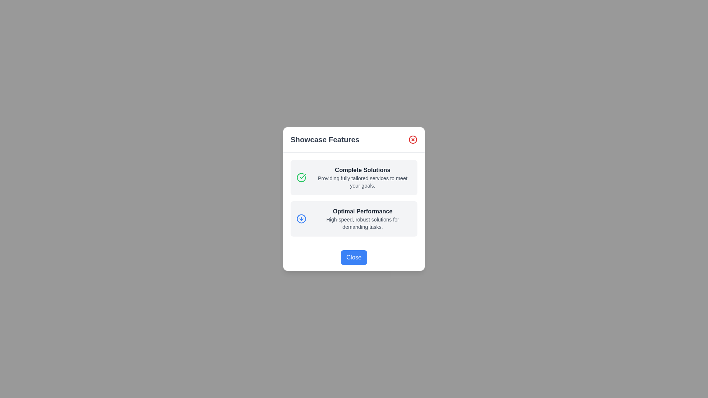  Describe the element at coordinates (354, 257) in the screenshot. I see `the 'Close' button to close the dialog` at that location.